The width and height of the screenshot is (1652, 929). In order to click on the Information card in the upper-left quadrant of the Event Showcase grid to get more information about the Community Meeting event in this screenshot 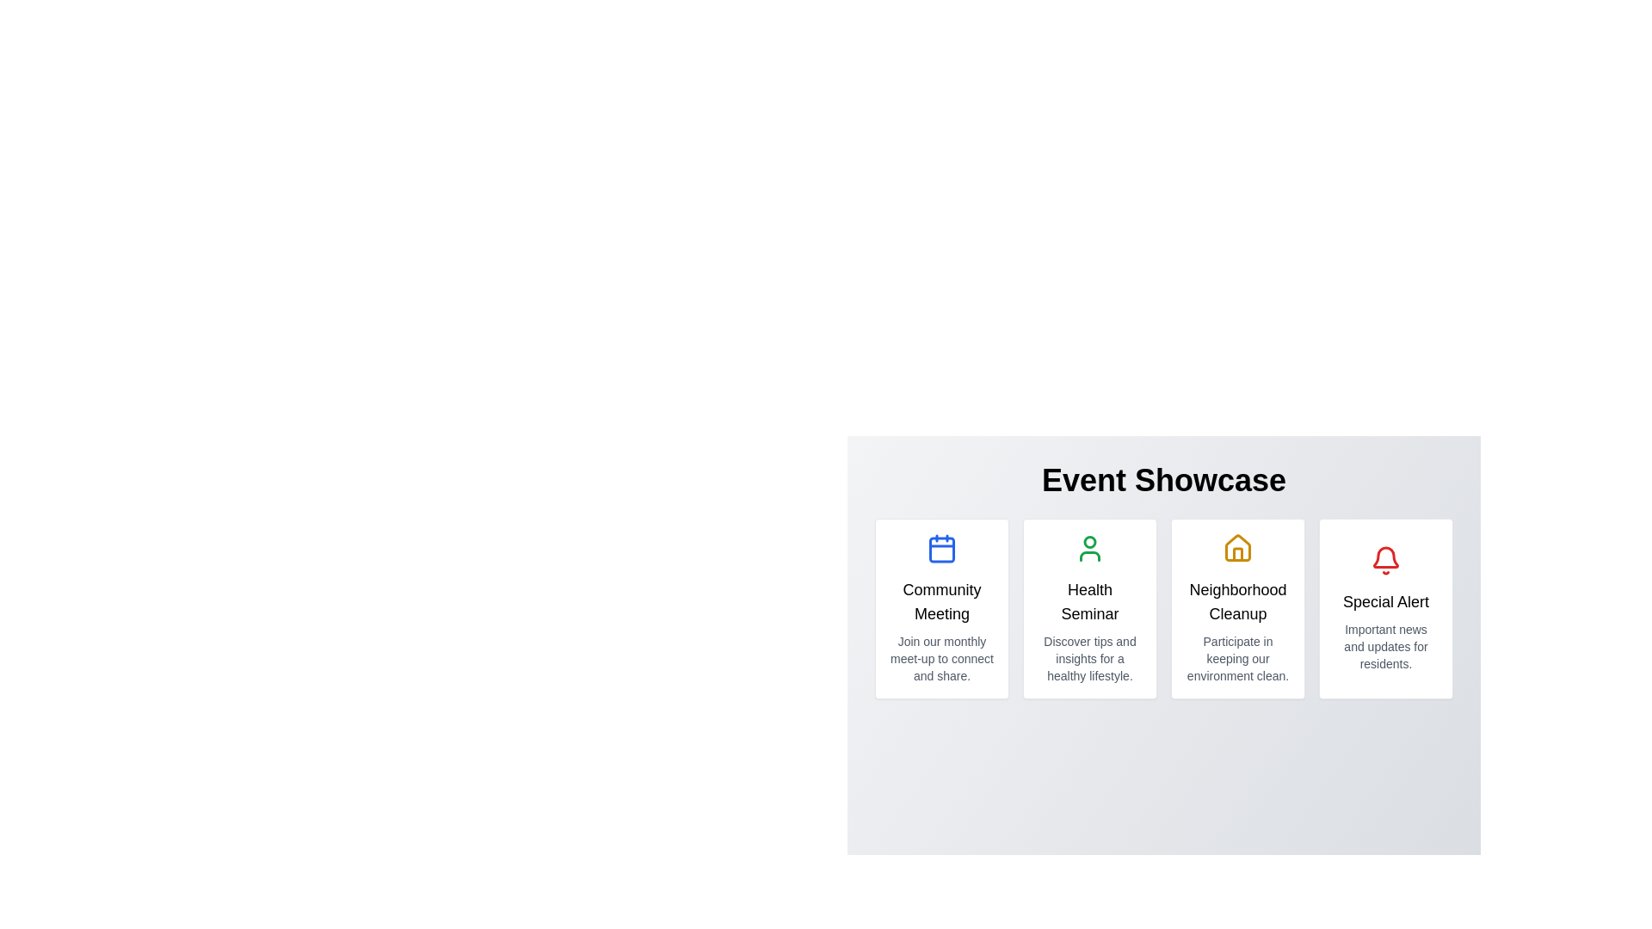, I will do `click(940, 608)`.